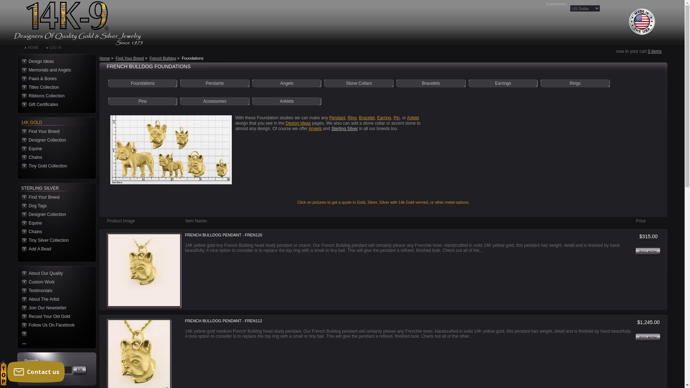 This screenshot has width=690, height=388. Describe the element at coordinates (20, 223) in the screenshot. I see `'Equine'` at that location.